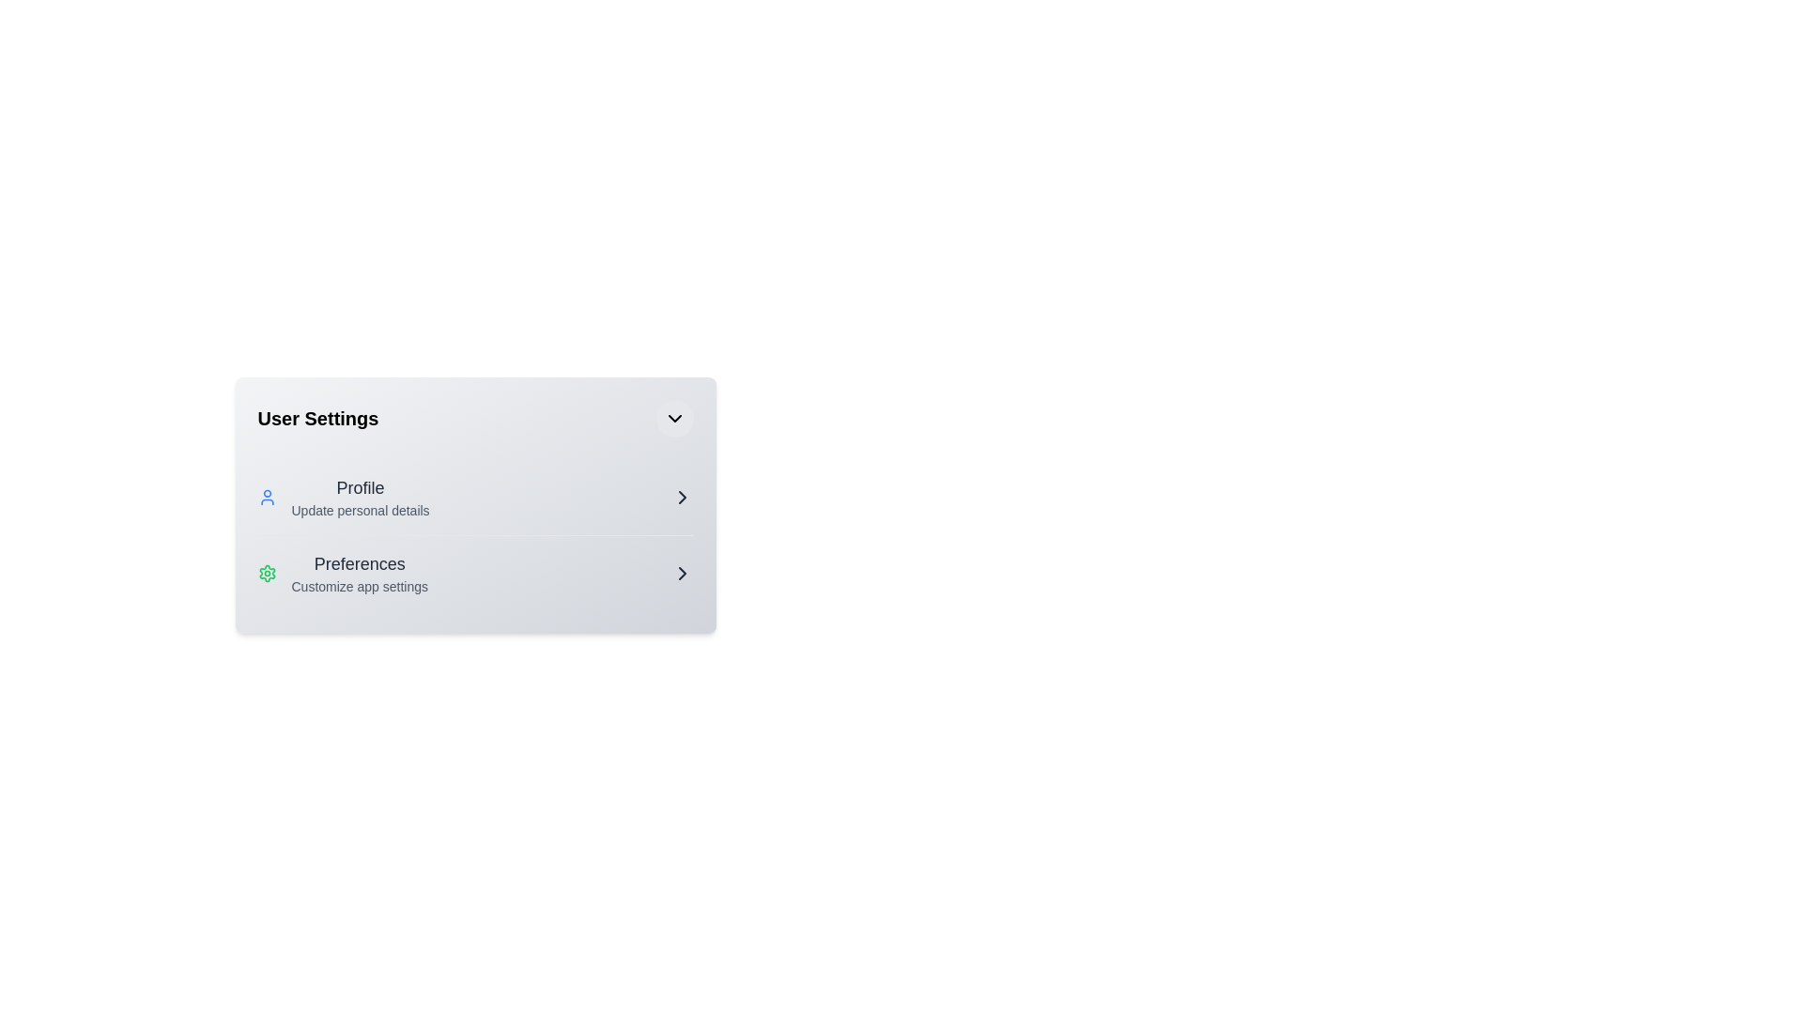 The width and height of the screenshot is (1803, 1014). What do you see at coordinates (360, 572) in the screenshot?
I see `description of the 'Preferences' section, which serves as a navigation link and describes its purpose as 'Customize app settings.' It is the second item in the 'User Settings' list, positioned below the 'Profile' item` at bounding box center [360, 572].